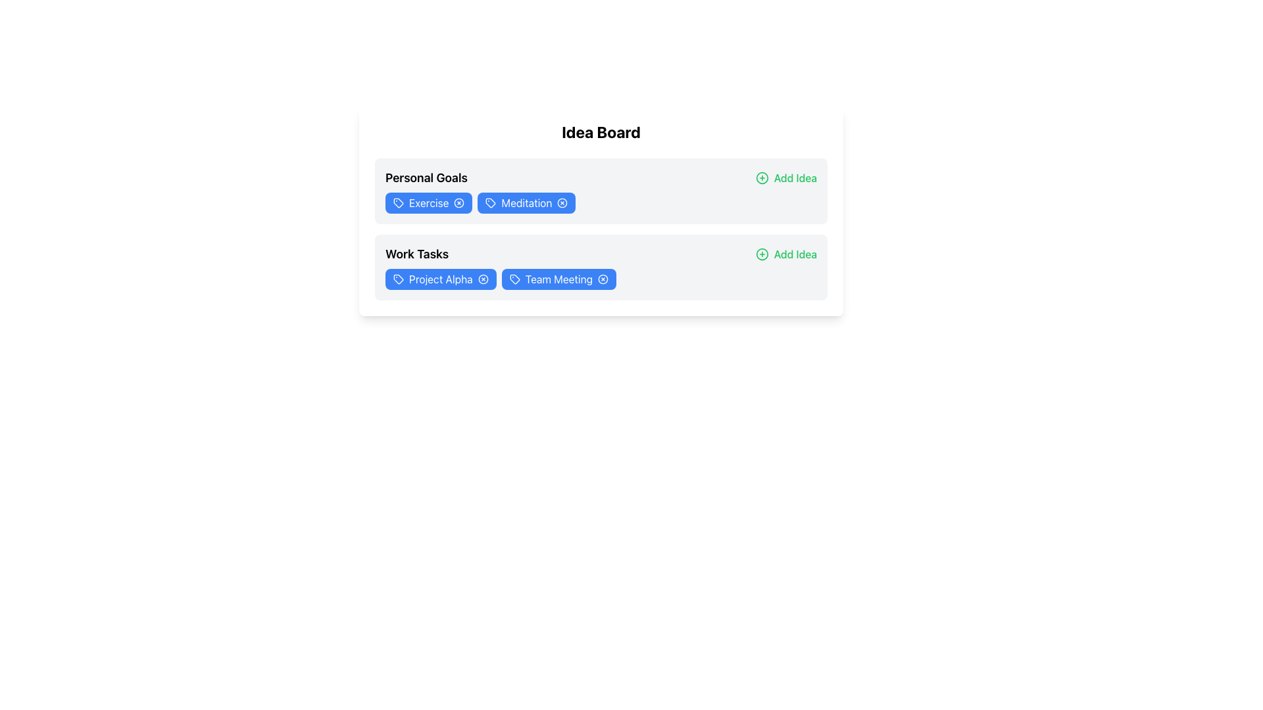  Describe the element at coordinates (762, 177) in the screenshot. I see `the decorative circle graphic within the 'Add Idea' button icon in the 'Personal Goals' section` at that location.